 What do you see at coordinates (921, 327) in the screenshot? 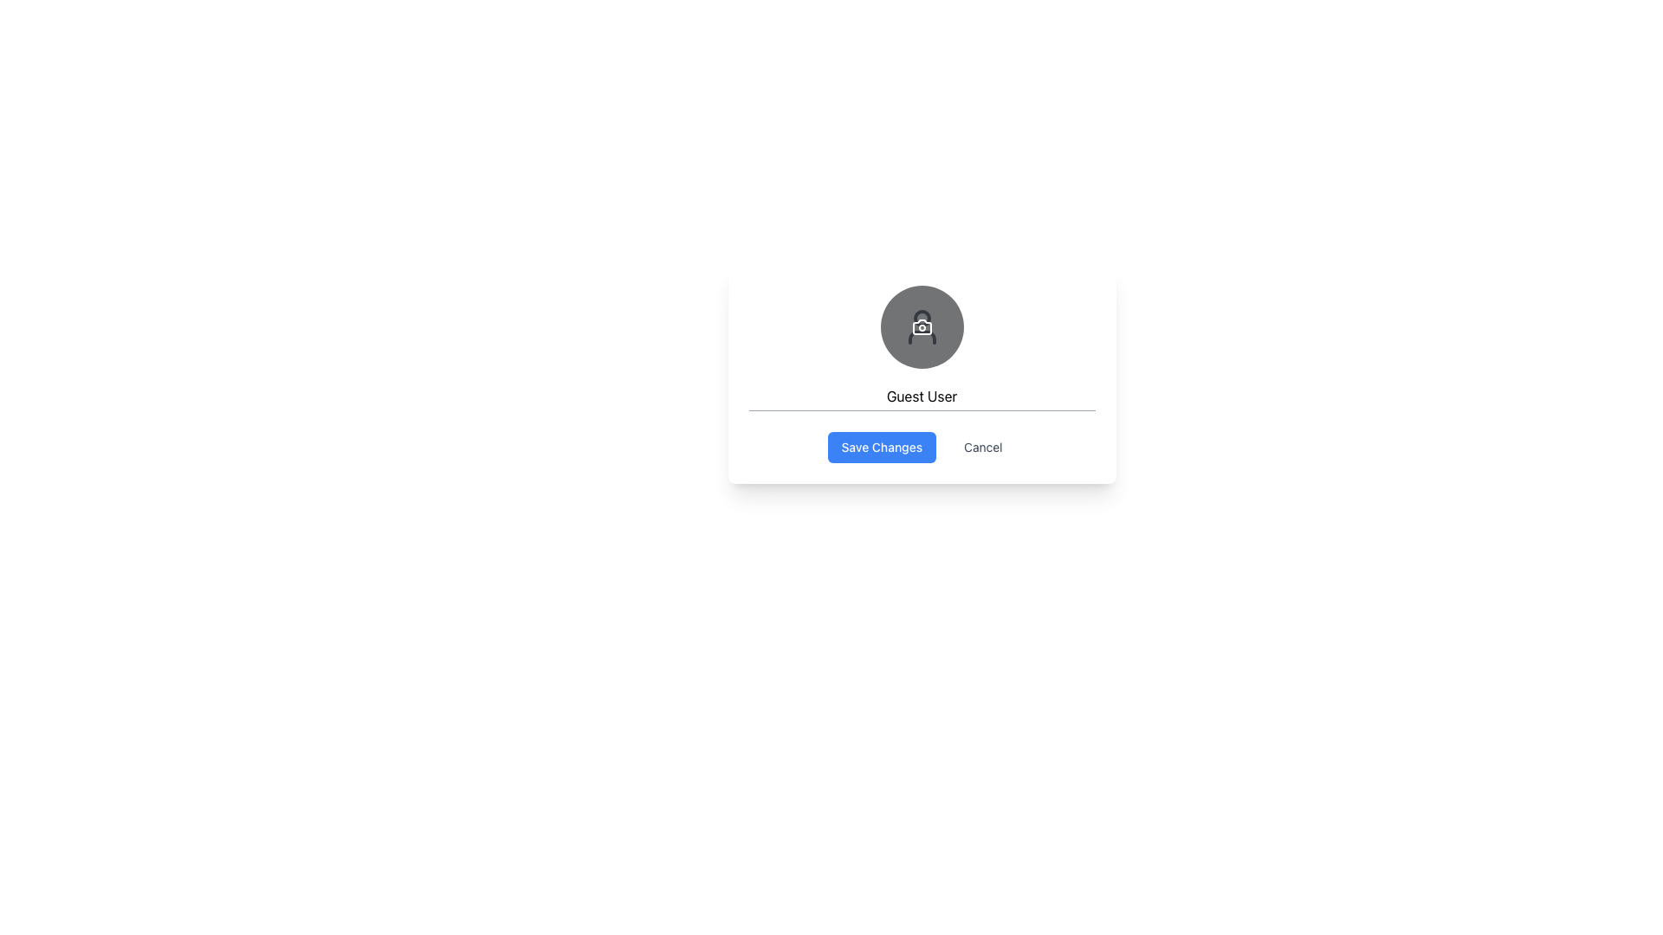
I see `the profile picture placeholder icon, which indicates an upload or edit action related to user profile settings, located above the text 'Guest User'` at bounding box center [921, 327].